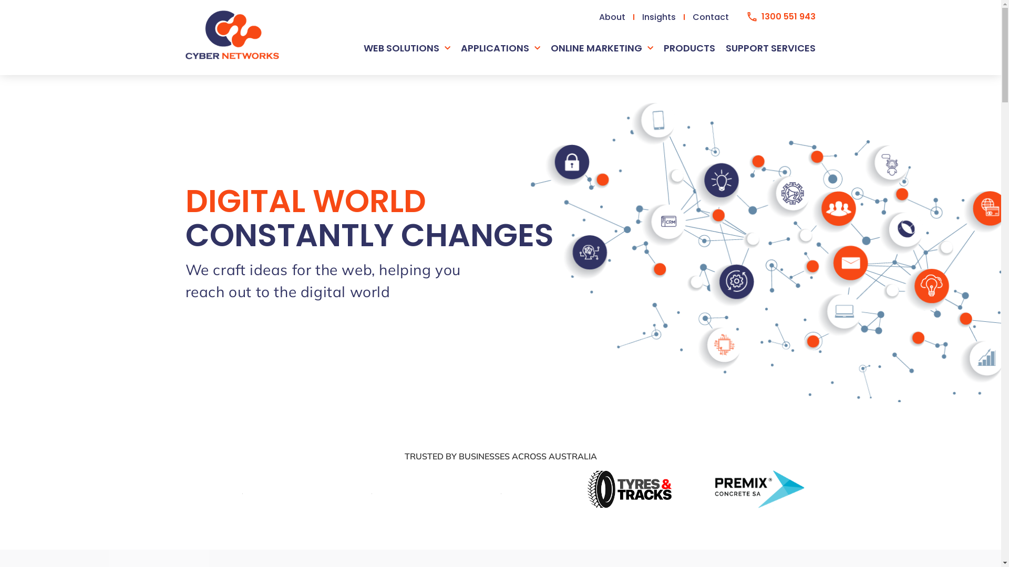 This screenshot has width=1009, height=567. Describe the element at coordinates (689, 48) in the screenshot. I see `'PRODUCTS'` at that location.